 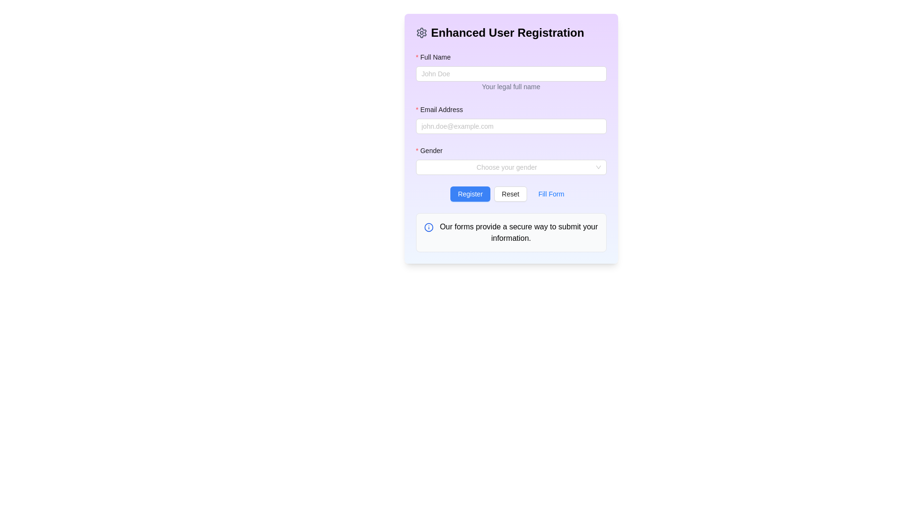 What do you see at coordinates (506, 167) in the screenshot?
I see `the dropdown menu input field styled with a purple gradient background, which has a placeholder 'Choose your gender', located below the 'Email Address' field` at bounding box center [506, 167].